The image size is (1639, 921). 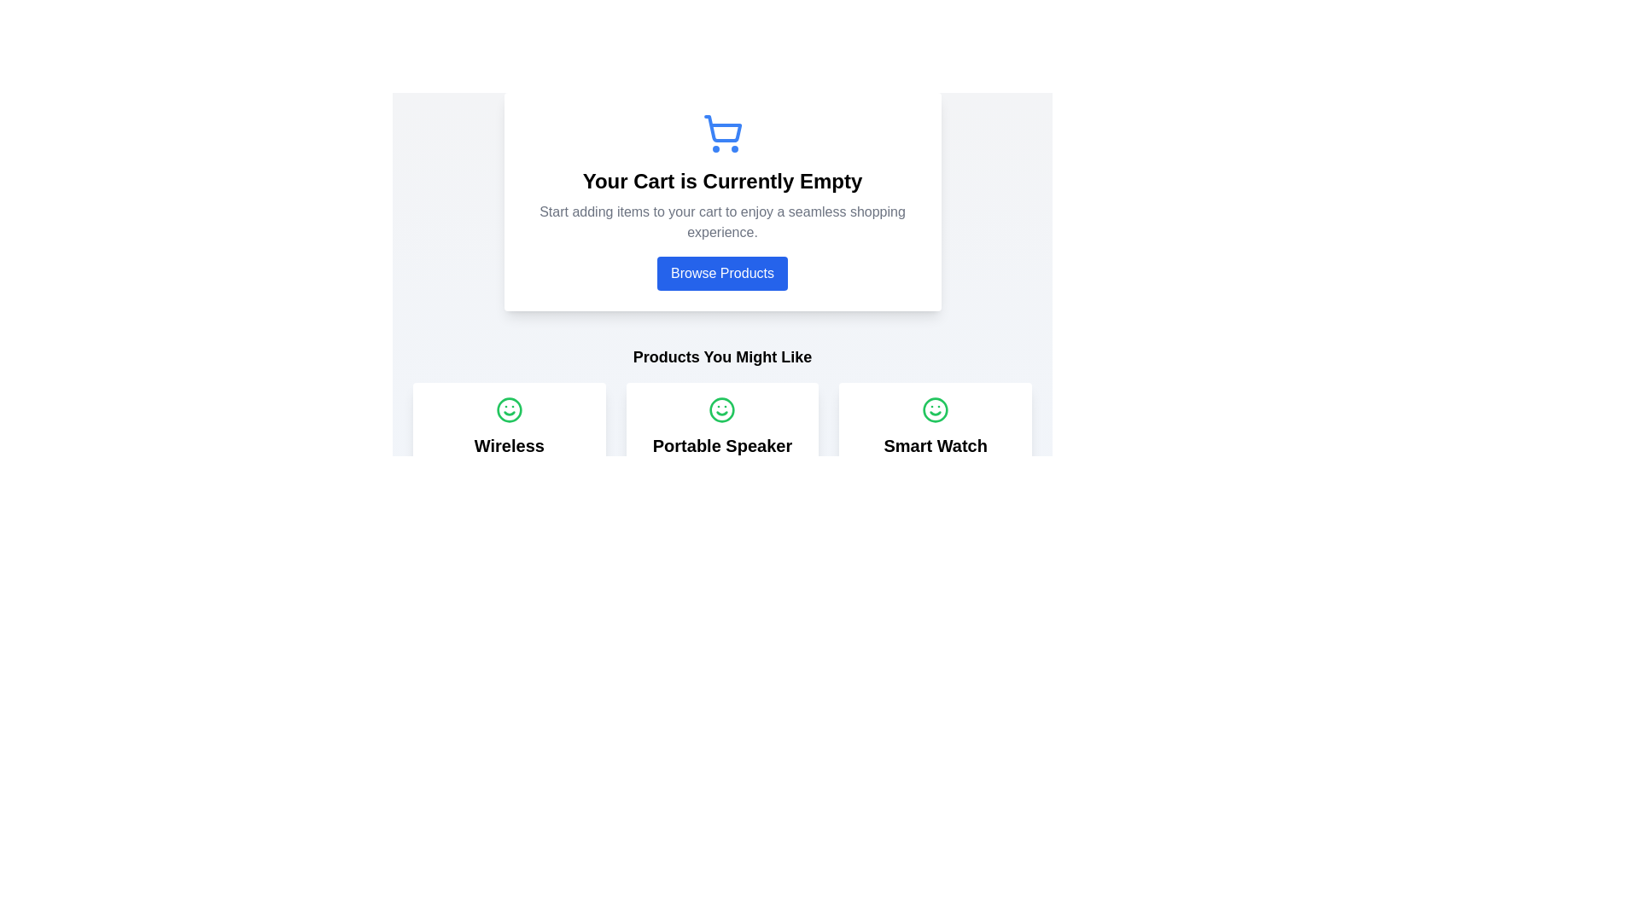 I want to click on the text label that displays 'Your Cart is Currently Empty', which is bold and large, positioned centrally within the dialog box, so click(x=722, y=181).